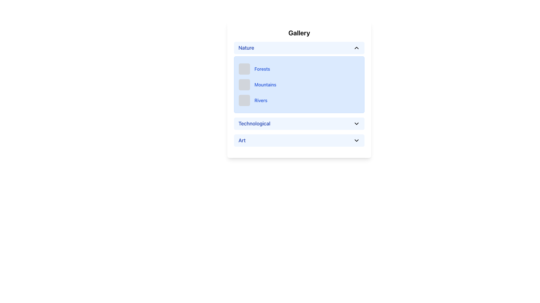  Describe the element at coordinates (299, 84) in the screenshot. I see `the List item for 'Mountains'` at that location.